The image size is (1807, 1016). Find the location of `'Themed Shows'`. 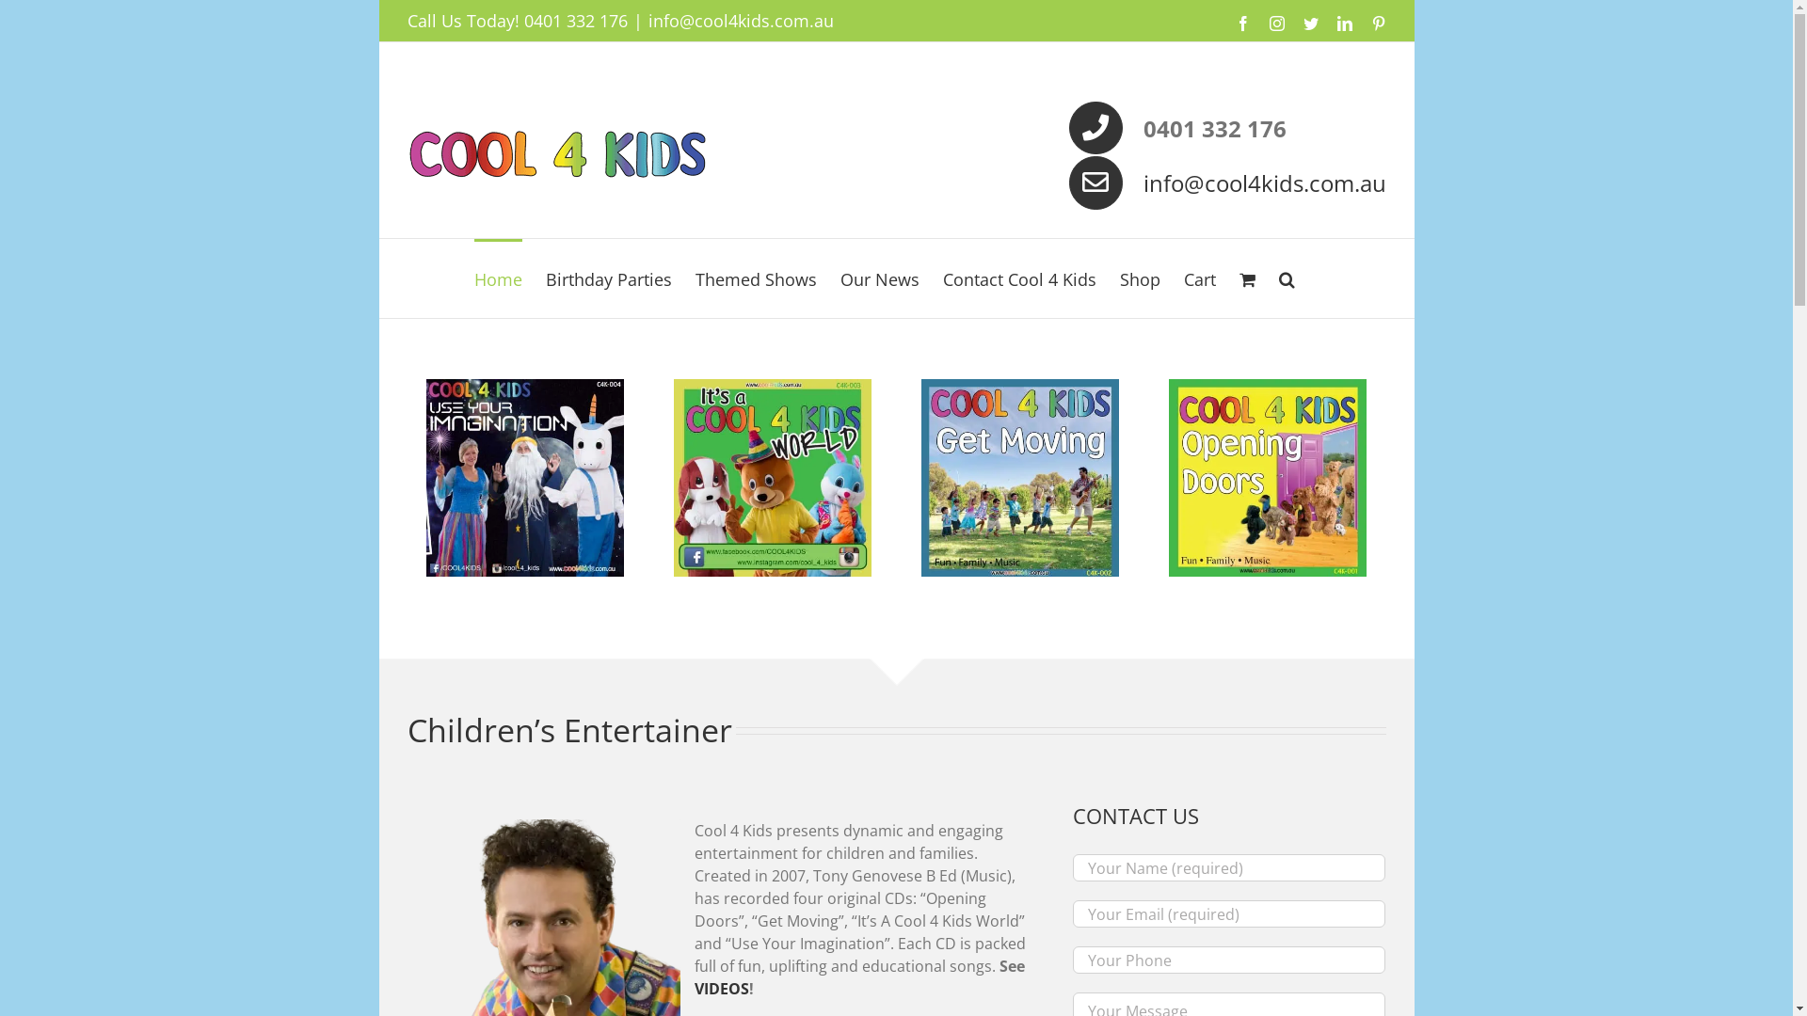

'Themed Shows' is located at coordinates (756, 278).